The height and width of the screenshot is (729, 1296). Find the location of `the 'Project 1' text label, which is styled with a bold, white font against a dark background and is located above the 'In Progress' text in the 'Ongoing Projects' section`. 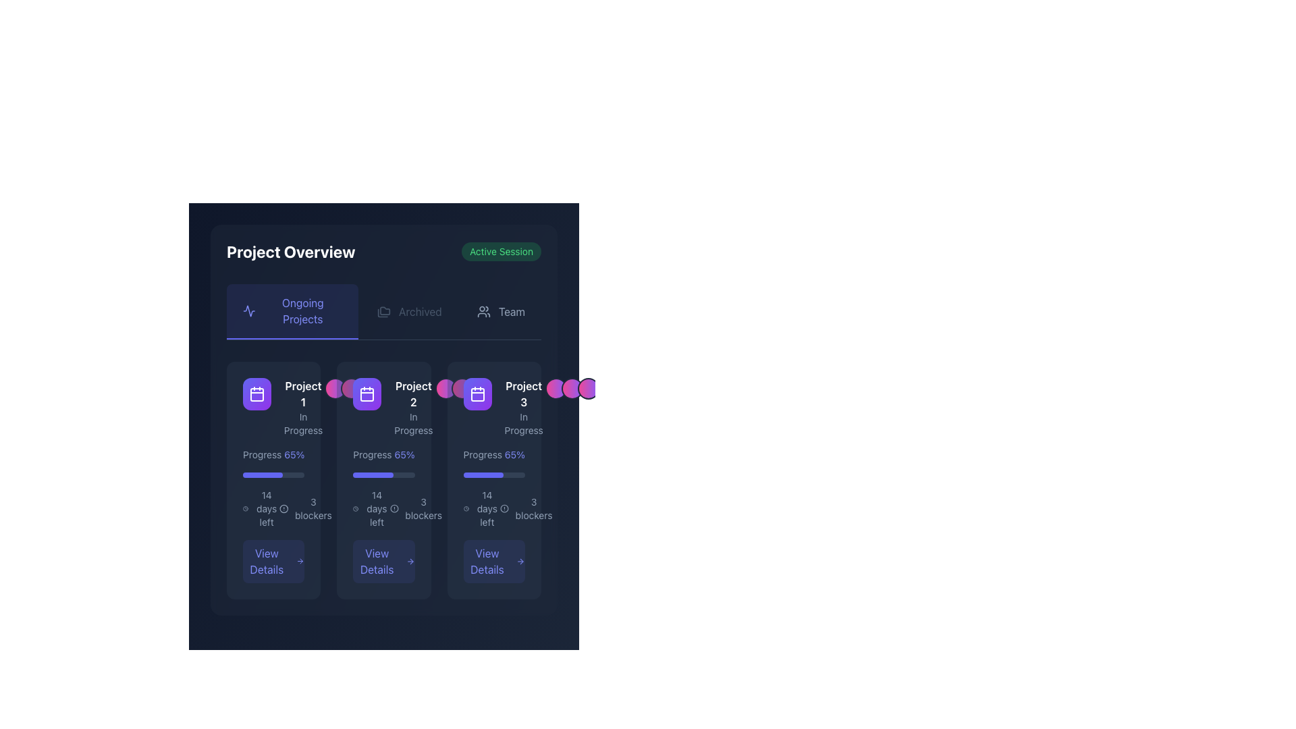

the 'Project 1' text label, which is styled with a bold, white font against a dark background and is located above the 'In Progress' text in the 'Ongoing Projects' section is located at coordinates (302, 394).